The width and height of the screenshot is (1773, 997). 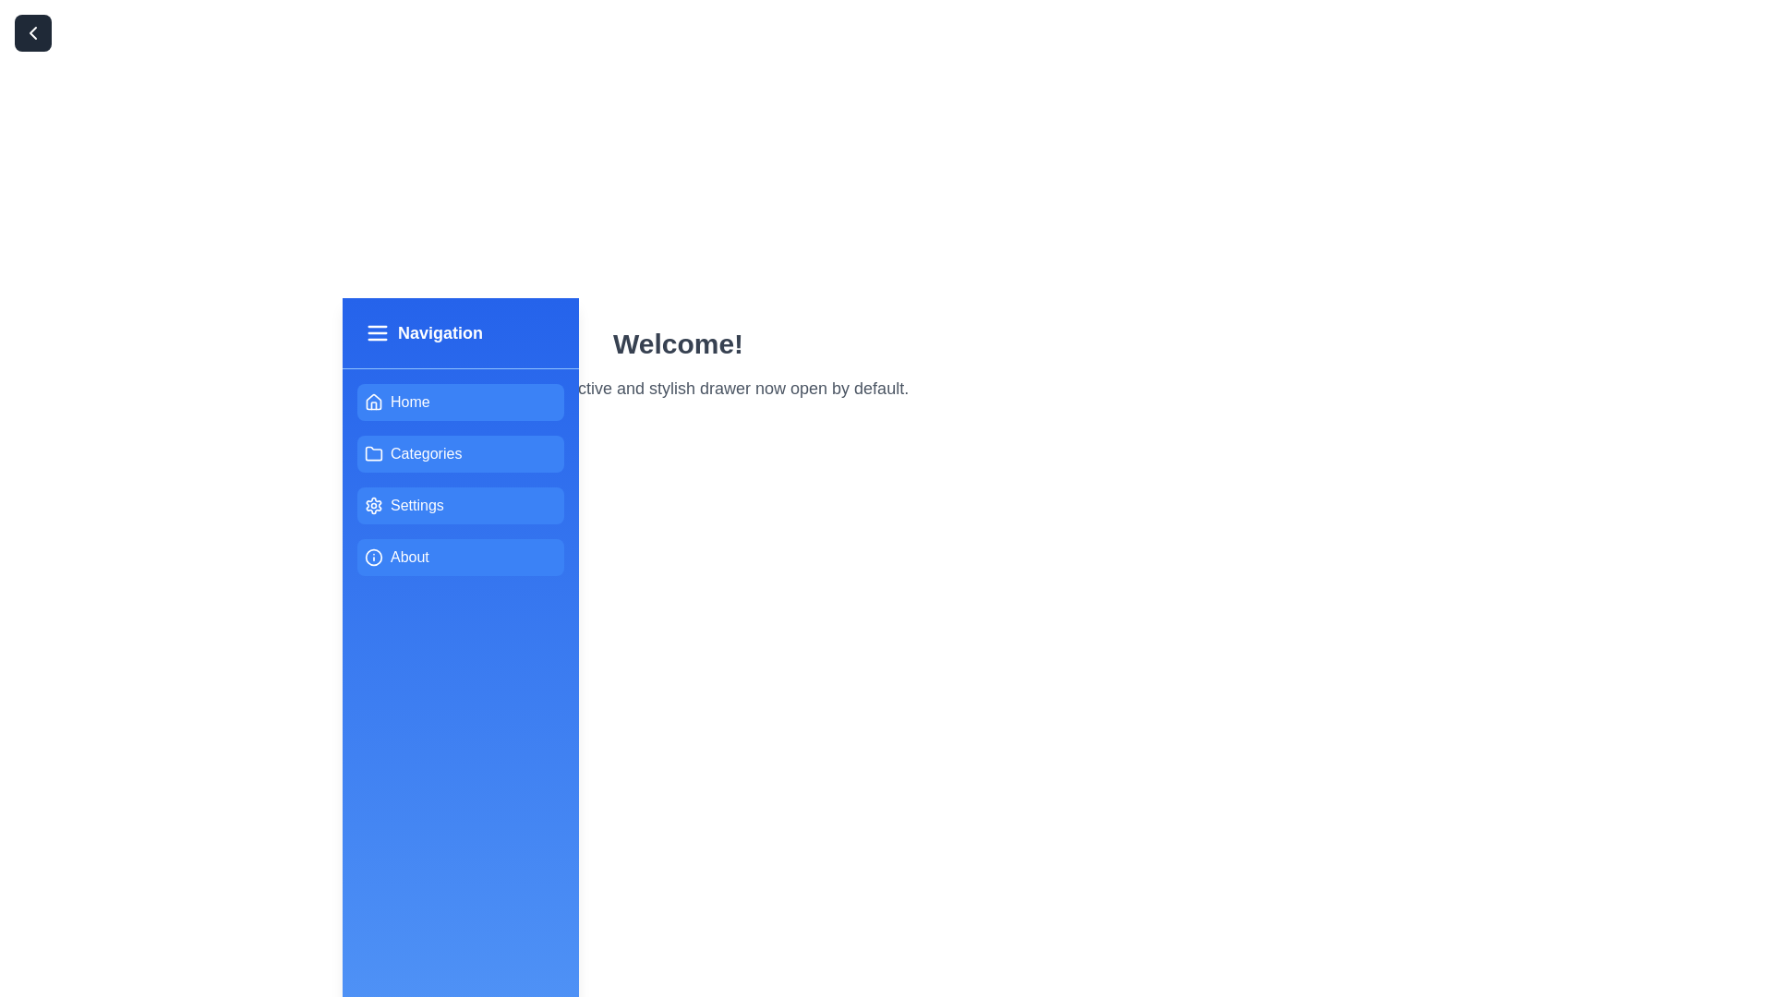 What do you see at coordinates (372, 557) in the screenshot?
I see `the circular information icon with a blue background and white outline, located in the 'About' menu item on the left vertical navigation bar` at bounding box center [372, 557].